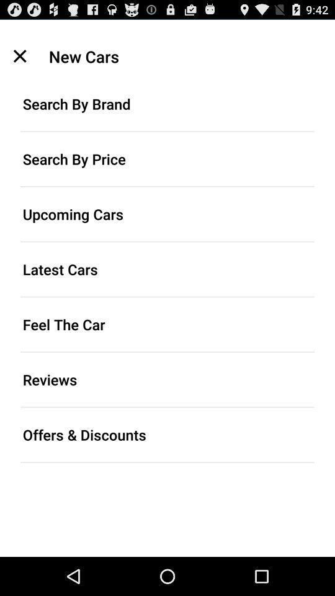  Describe the element at coordinates (19, 56) in the screenshot. I see `menu` at that location.